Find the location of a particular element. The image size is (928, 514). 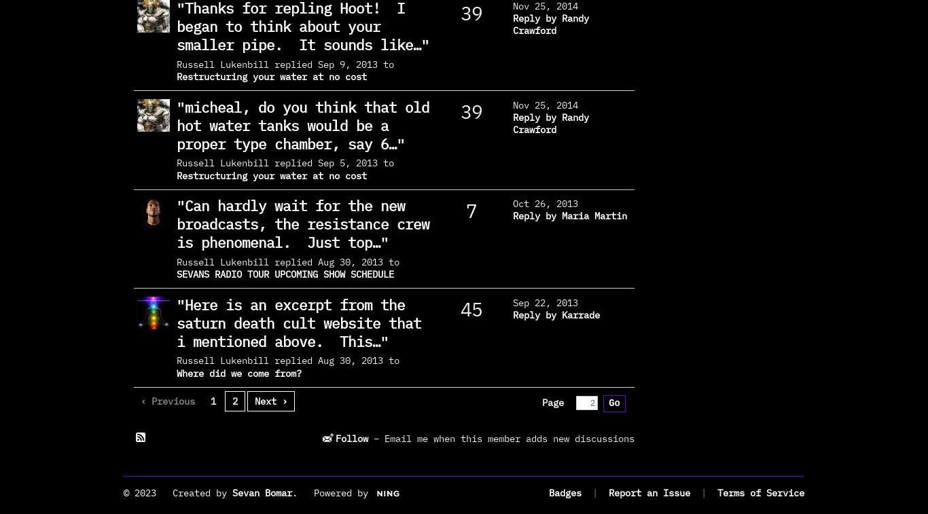

'Page' is located at coordinates (552, 403).